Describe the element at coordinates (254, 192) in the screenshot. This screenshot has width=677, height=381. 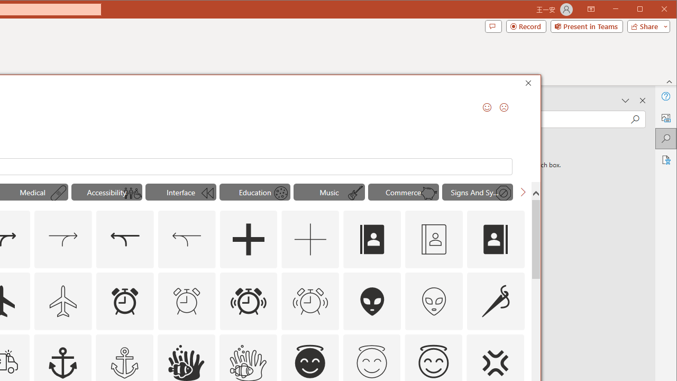
I see `'"Education" Icons.'` at that location.